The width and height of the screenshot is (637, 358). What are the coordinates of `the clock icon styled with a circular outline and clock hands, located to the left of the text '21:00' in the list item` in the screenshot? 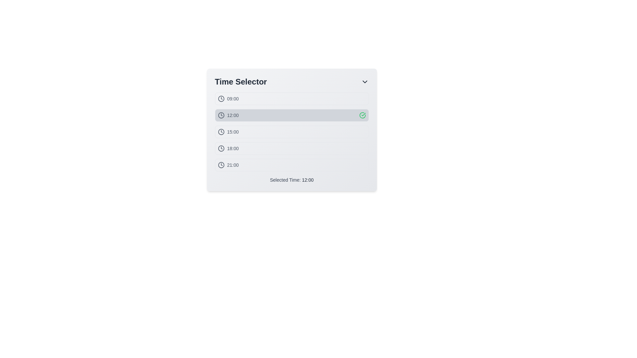 It's located at (221, 164).